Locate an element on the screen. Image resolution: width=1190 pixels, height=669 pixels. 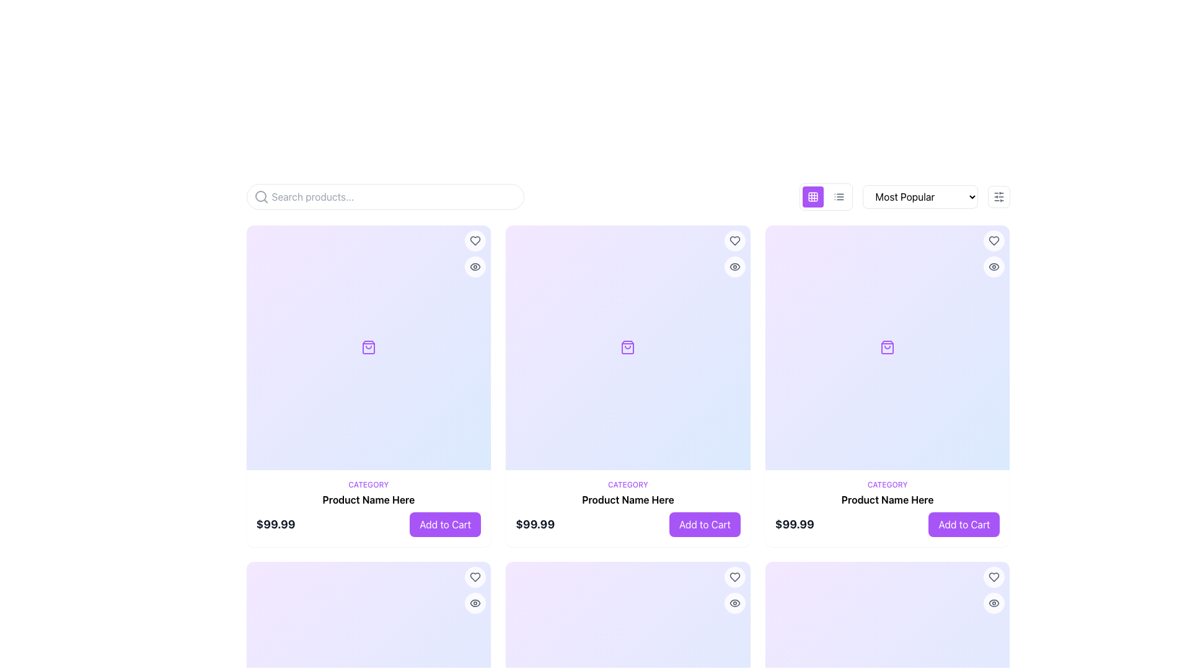
the rectangular button with a gray icon of horizontally aligned sliders located in the top-right control panel, to the right of the 'Most Popular' dropdown menu is located at coordinates (998, 196).